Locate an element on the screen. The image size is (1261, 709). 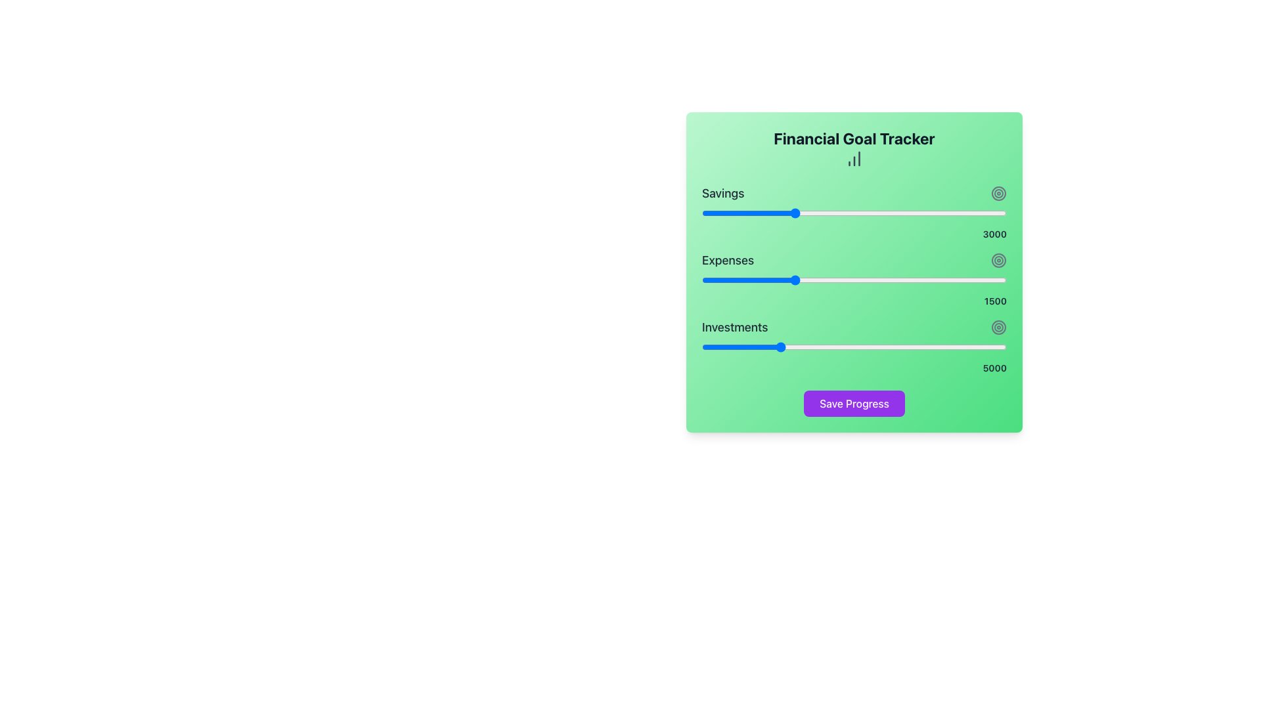
the expenses slider is located at coordinates (828, 280).